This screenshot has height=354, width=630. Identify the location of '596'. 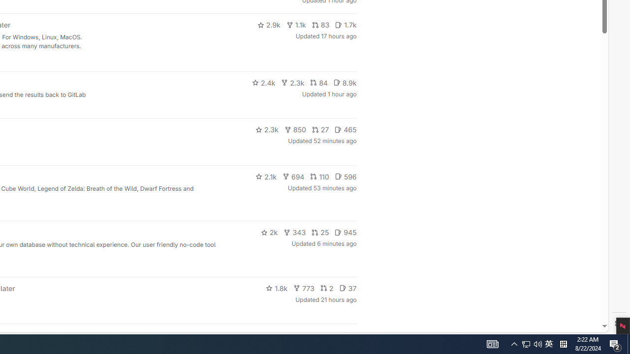
(346, 176).